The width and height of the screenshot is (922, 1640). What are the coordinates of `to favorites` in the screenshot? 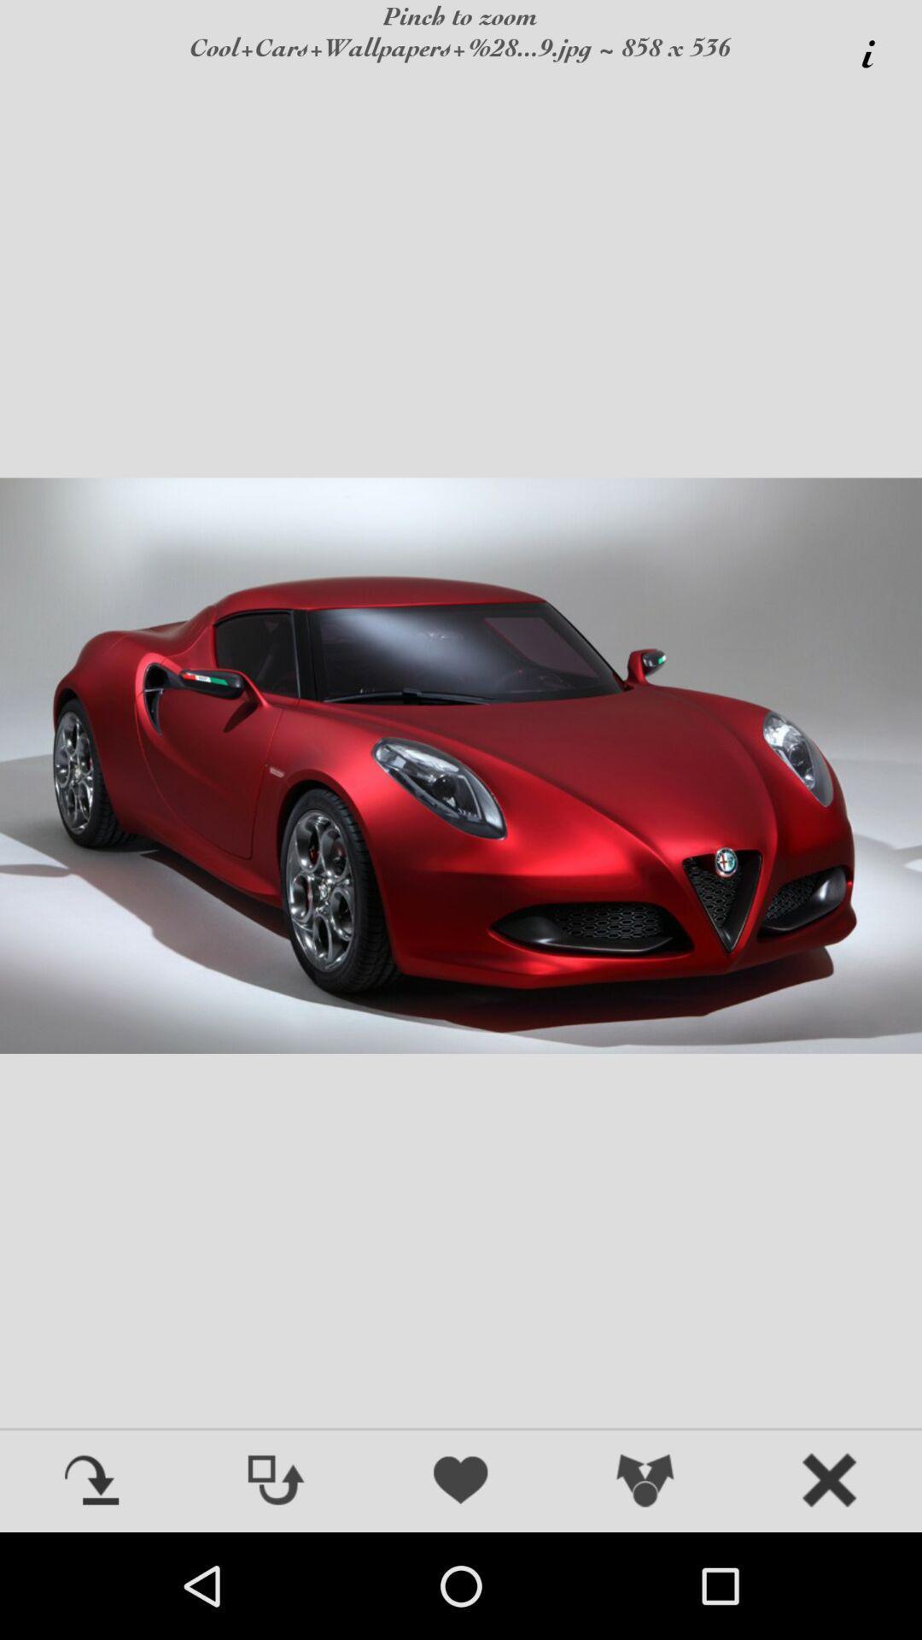 It's located at (461, 1481).